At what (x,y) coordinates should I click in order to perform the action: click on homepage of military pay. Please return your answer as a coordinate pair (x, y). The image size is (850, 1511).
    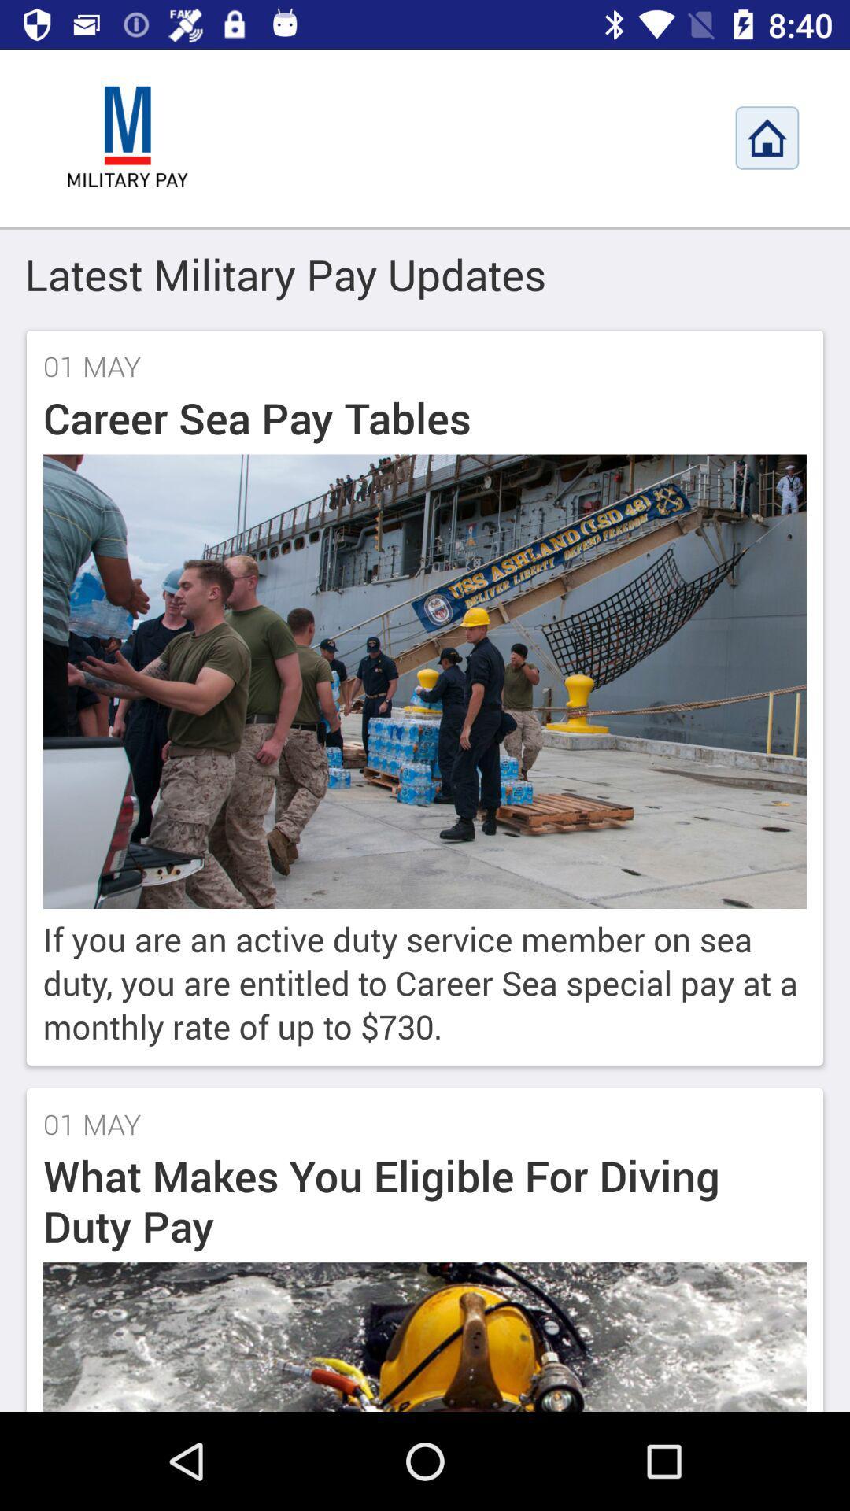
    Looking at the image, I should click on (767, 138).